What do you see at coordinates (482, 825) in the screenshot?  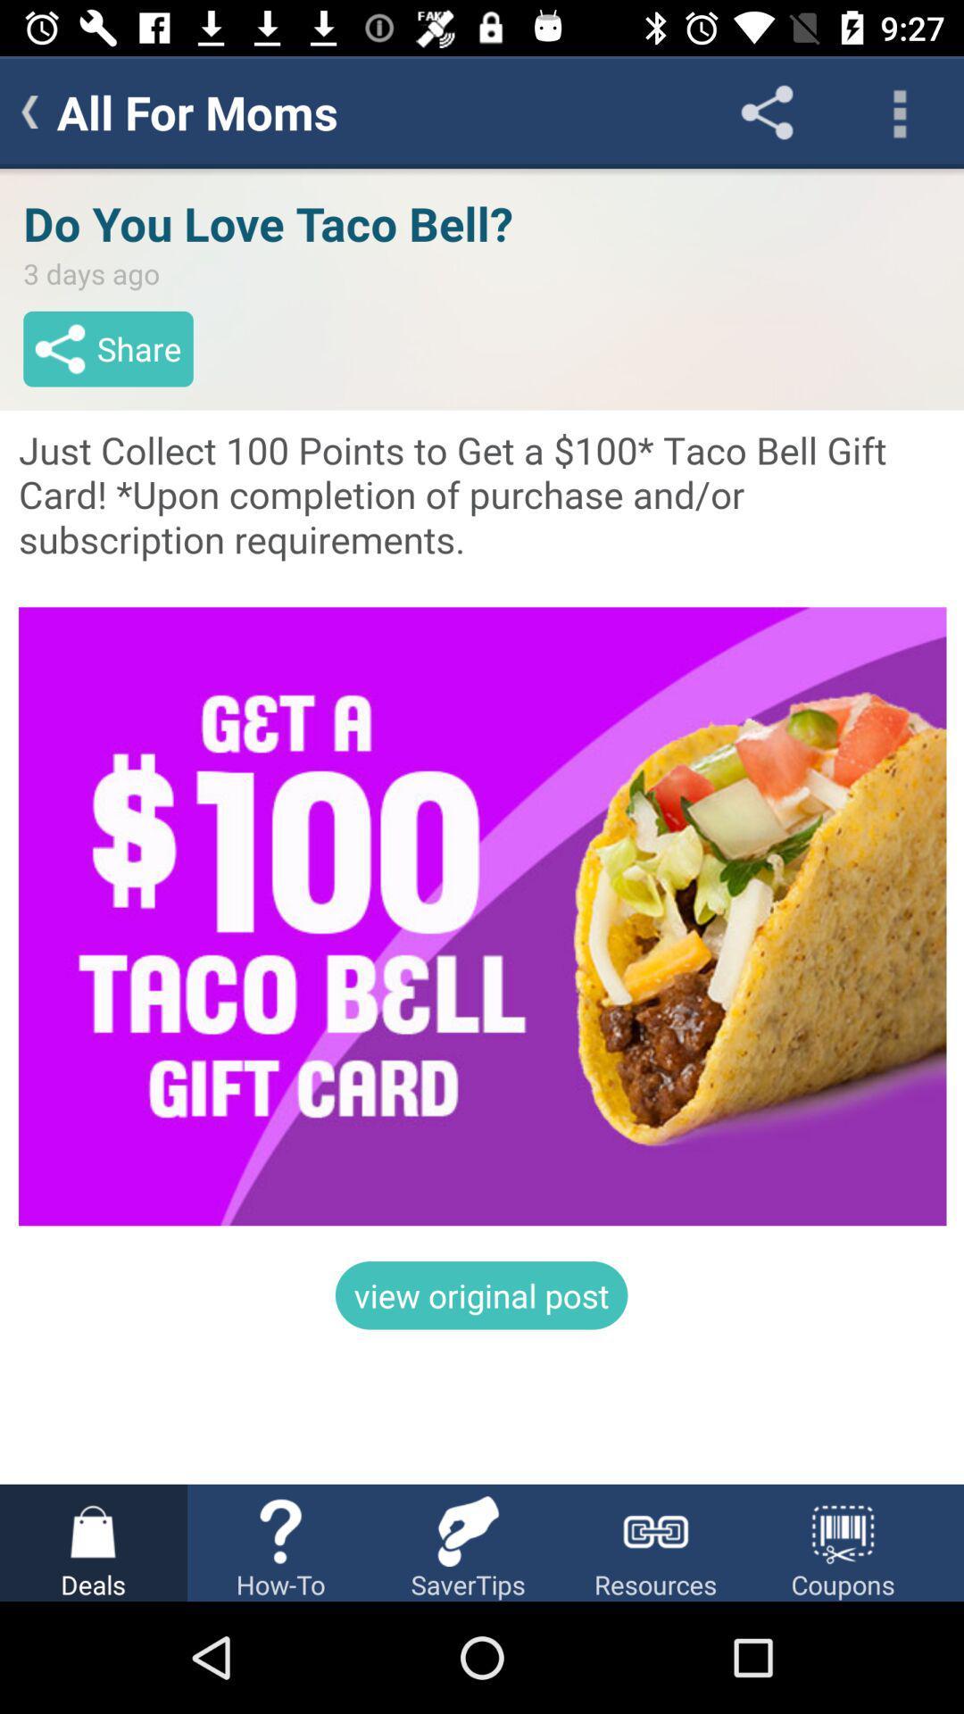 I see `open advertisement for taco bell` at bounding box center [482, 825].